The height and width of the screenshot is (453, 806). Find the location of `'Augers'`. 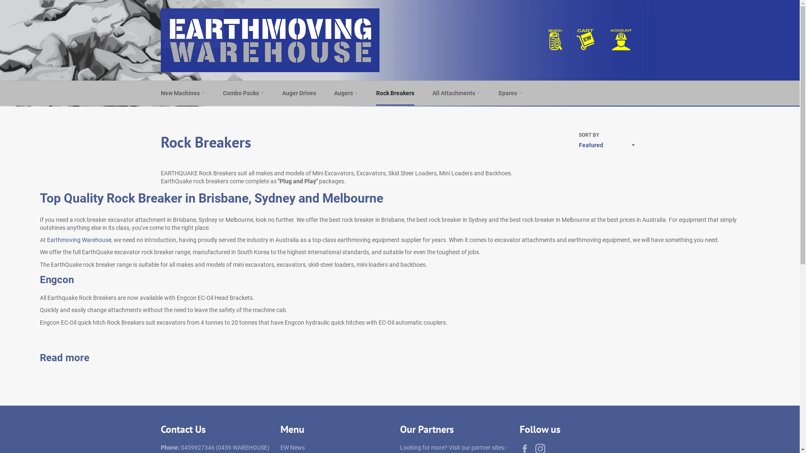

'Augers' is located at coordinates (325, 93).